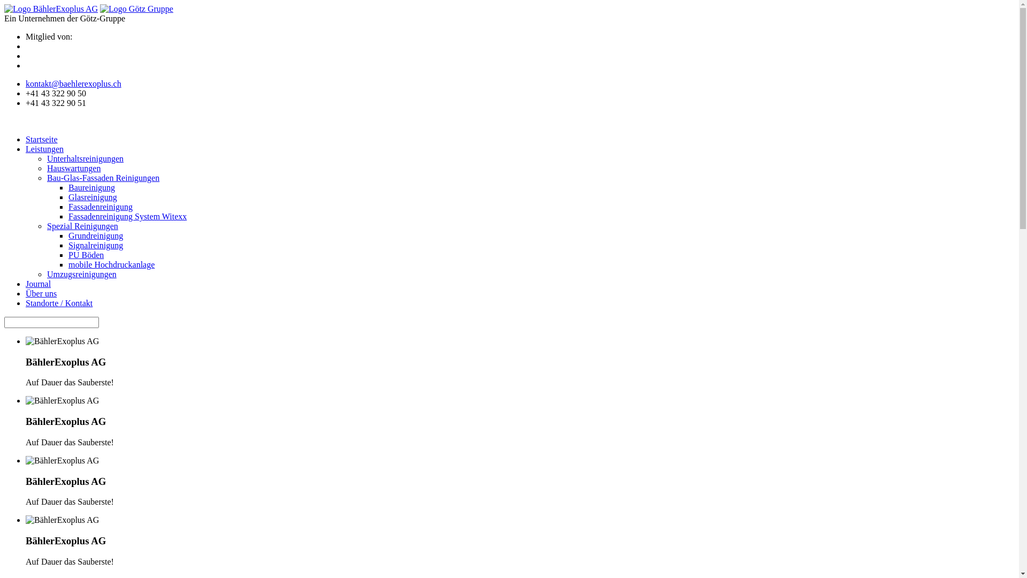 The width and height of the screenshot is (1027, 578). What do you see at coordinates (26, 139) in the screenshot?
I see `'Startseite'` at bounding box center [26, 139].